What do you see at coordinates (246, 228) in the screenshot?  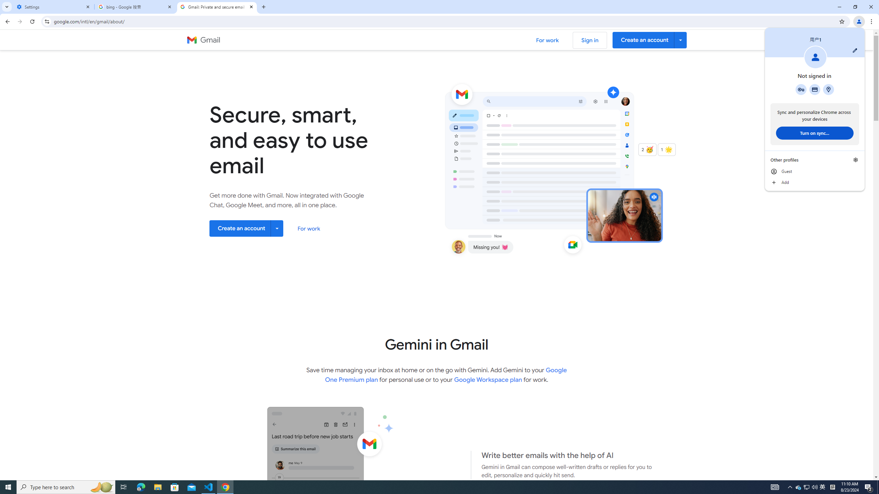 I see `'Create an account'` at bounding box center [246, 228].